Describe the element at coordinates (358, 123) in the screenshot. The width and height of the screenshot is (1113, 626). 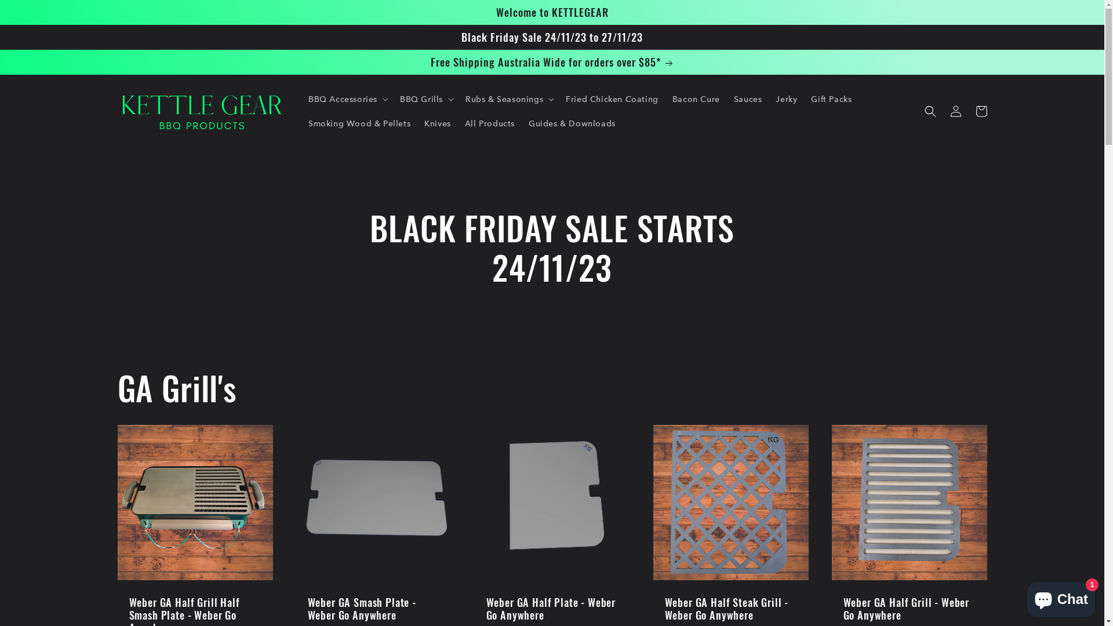
I see `'Smoking Wood & Pellets'` at that location.